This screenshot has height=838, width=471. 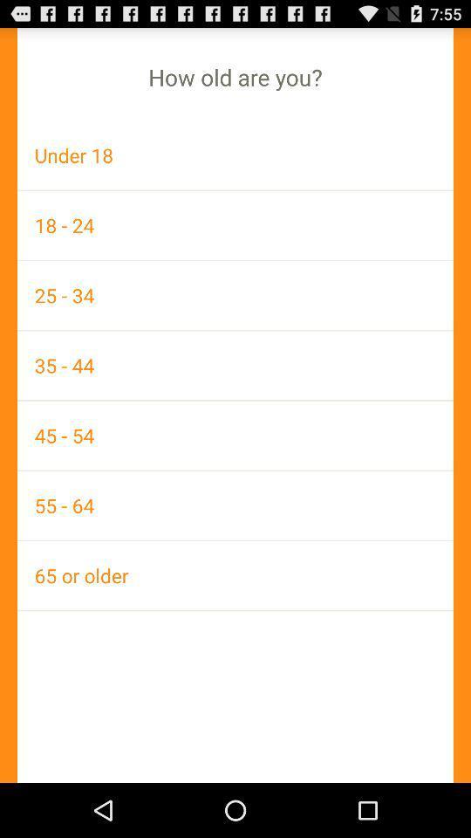 I want to click on the 65 or older app, so click(x=235, y=574).